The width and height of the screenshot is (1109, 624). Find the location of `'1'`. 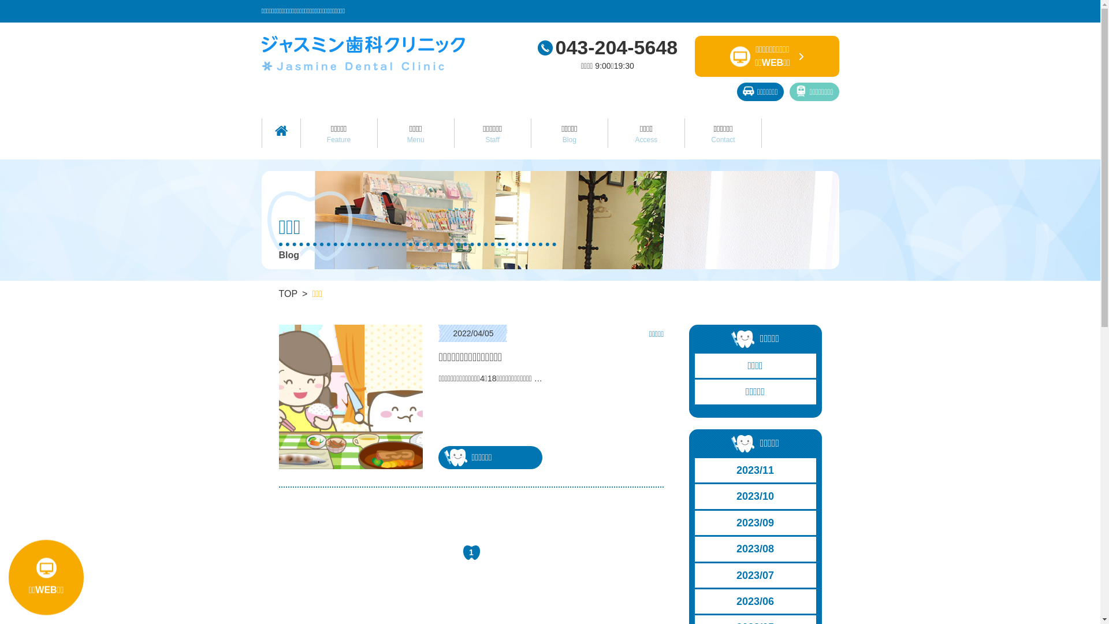

'1' is located at coordinates (471, 552).